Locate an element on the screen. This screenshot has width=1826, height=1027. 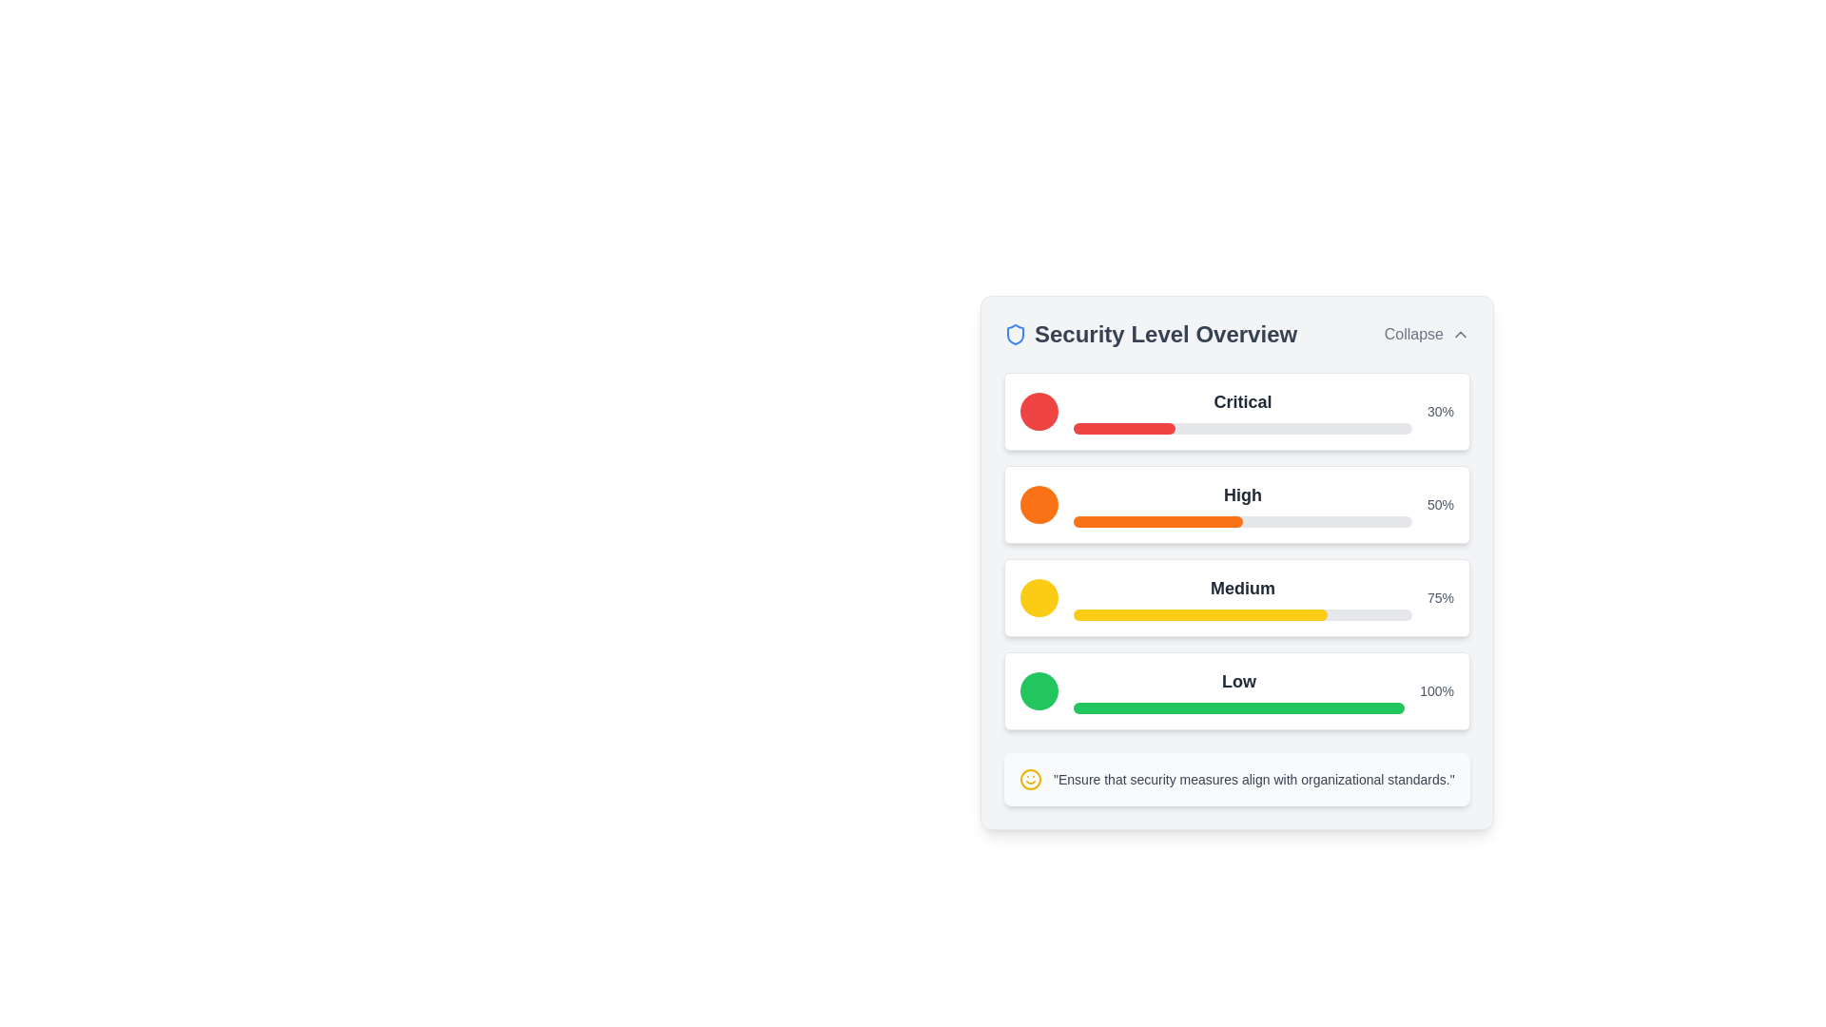
the text label displaying 'Low' in bold, large-sized dark gray font, which is positioned in the lower part of the 'Security Level Overview' panel, under 'Medium' and above the progress bar is located at coordinates (1239, 681).